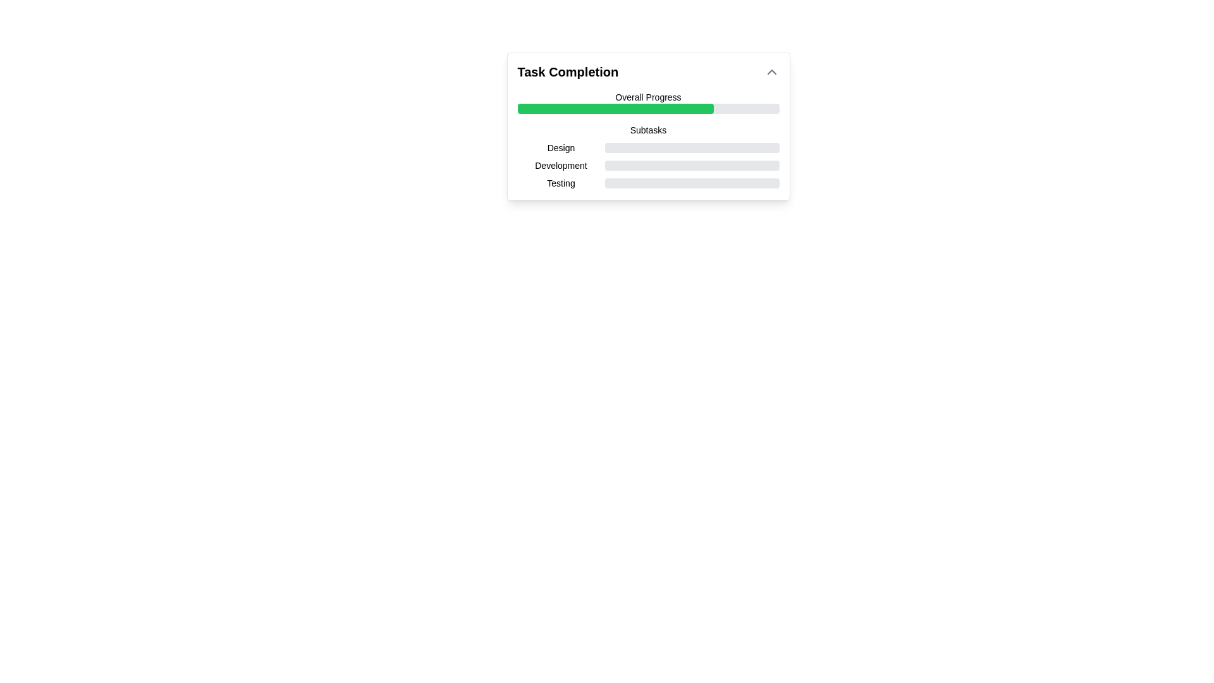 The height and width of the screenshot is (683, 1214). Describe the element at coordinates (691, 165) in the screenshot. I see `visual information of the progress bar that represents the completion of a development-related task, displayed as a green bar on a gray background` at that location.